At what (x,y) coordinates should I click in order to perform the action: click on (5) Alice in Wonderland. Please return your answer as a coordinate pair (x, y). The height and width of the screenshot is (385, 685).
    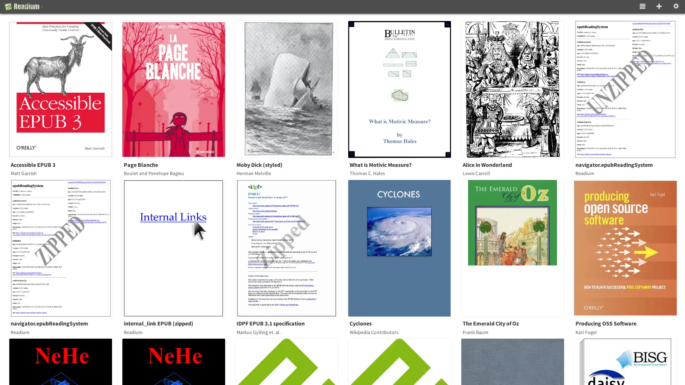
    Looking at the image, I should click on (517, 89).